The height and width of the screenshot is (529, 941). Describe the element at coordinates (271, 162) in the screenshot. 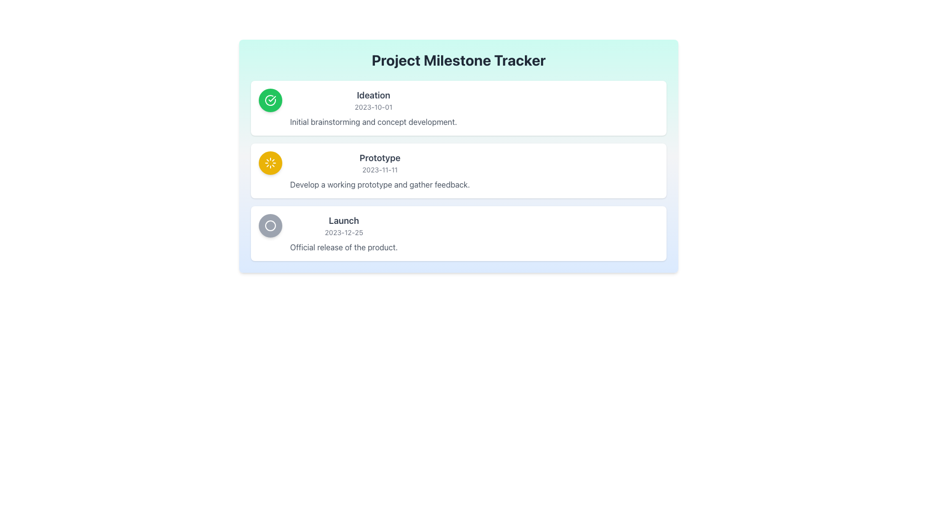

I see `the indicator icon associated with the 'Prototype' milestone to observe the information it represents` at that location.